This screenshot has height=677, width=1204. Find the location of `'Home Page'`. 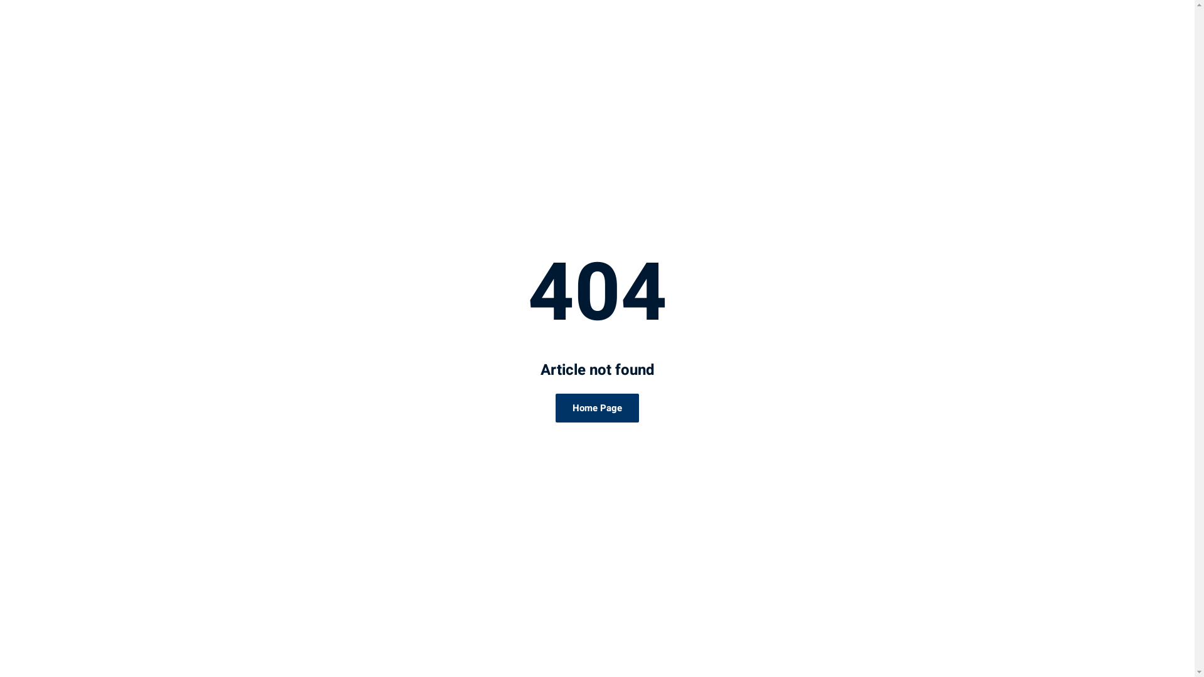

'Home Page' is located at coordinates (596, 408).